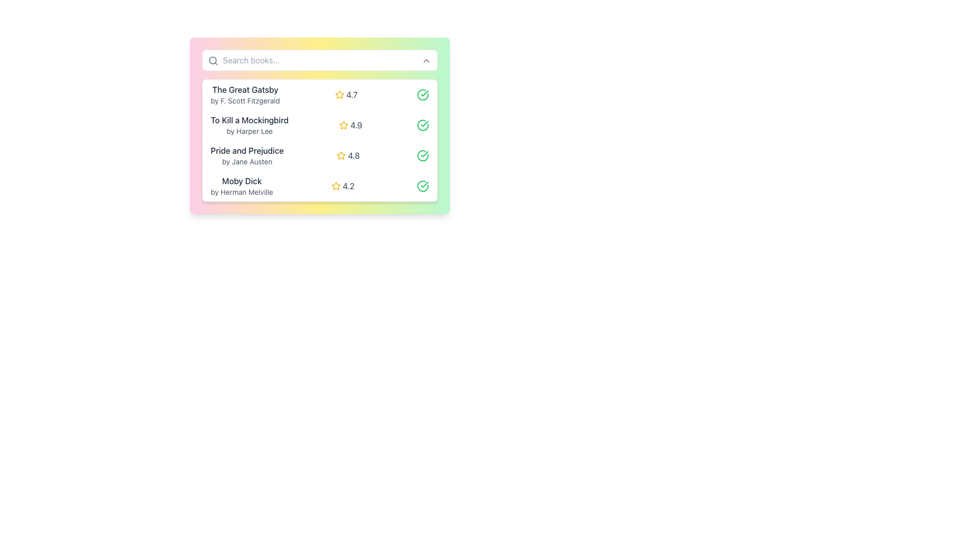 The width and height of the screenshot is (975, 548). What do you see at coordinates (348, 186) in the screenshot?
I see `the text label displaying the numeric value '4.2', which is styled in gray font and positioned adjacent to a yellow star icon, indicating a rating context` at bounding box center [348, 186].